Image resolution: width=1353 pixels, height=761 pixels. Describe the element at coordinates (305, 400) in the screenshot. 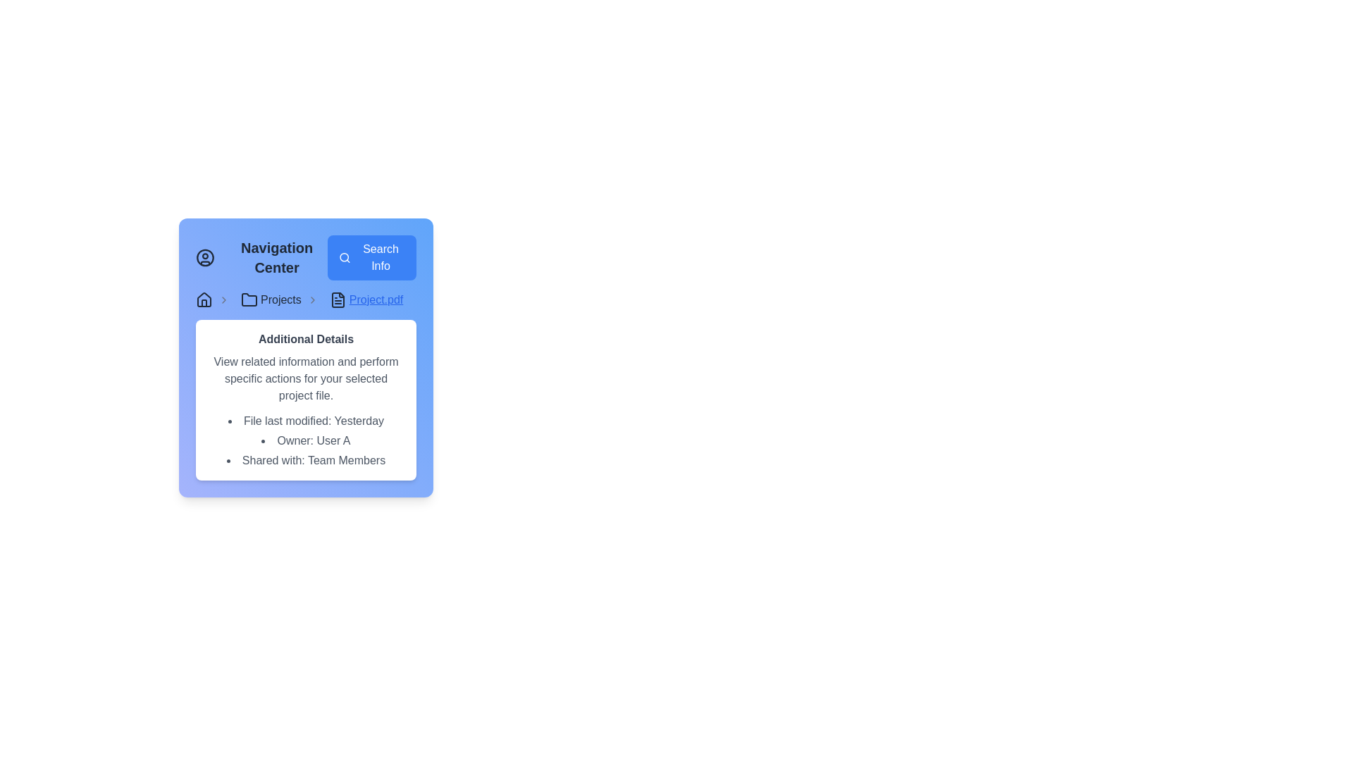

I see `details presented in the Informational card that contains 'Additional Details' and actionable information about file modification date, owner, and shared members` at that location.